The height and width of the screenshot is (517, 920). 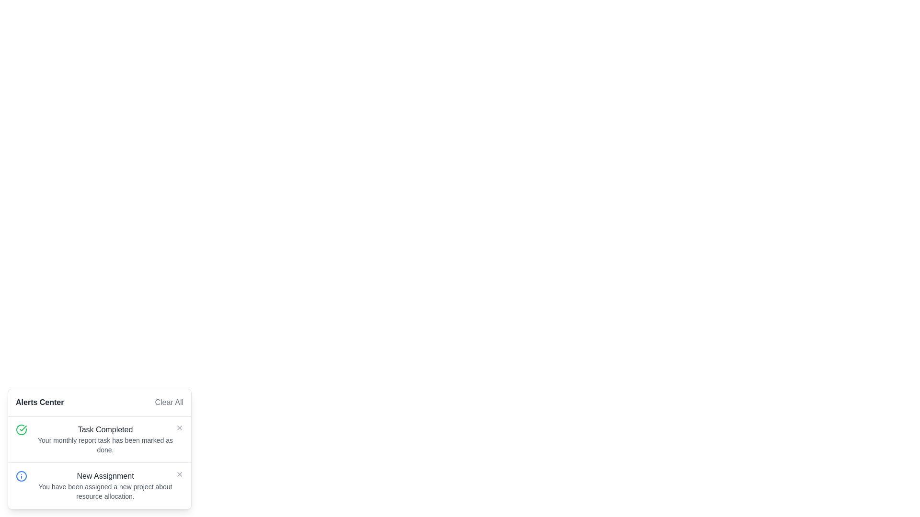 I want to click on the small interactive close button icon, which is located on the far right side of the 'Task Completed' notification in the Alerts Center, so click(x=179, y=427).